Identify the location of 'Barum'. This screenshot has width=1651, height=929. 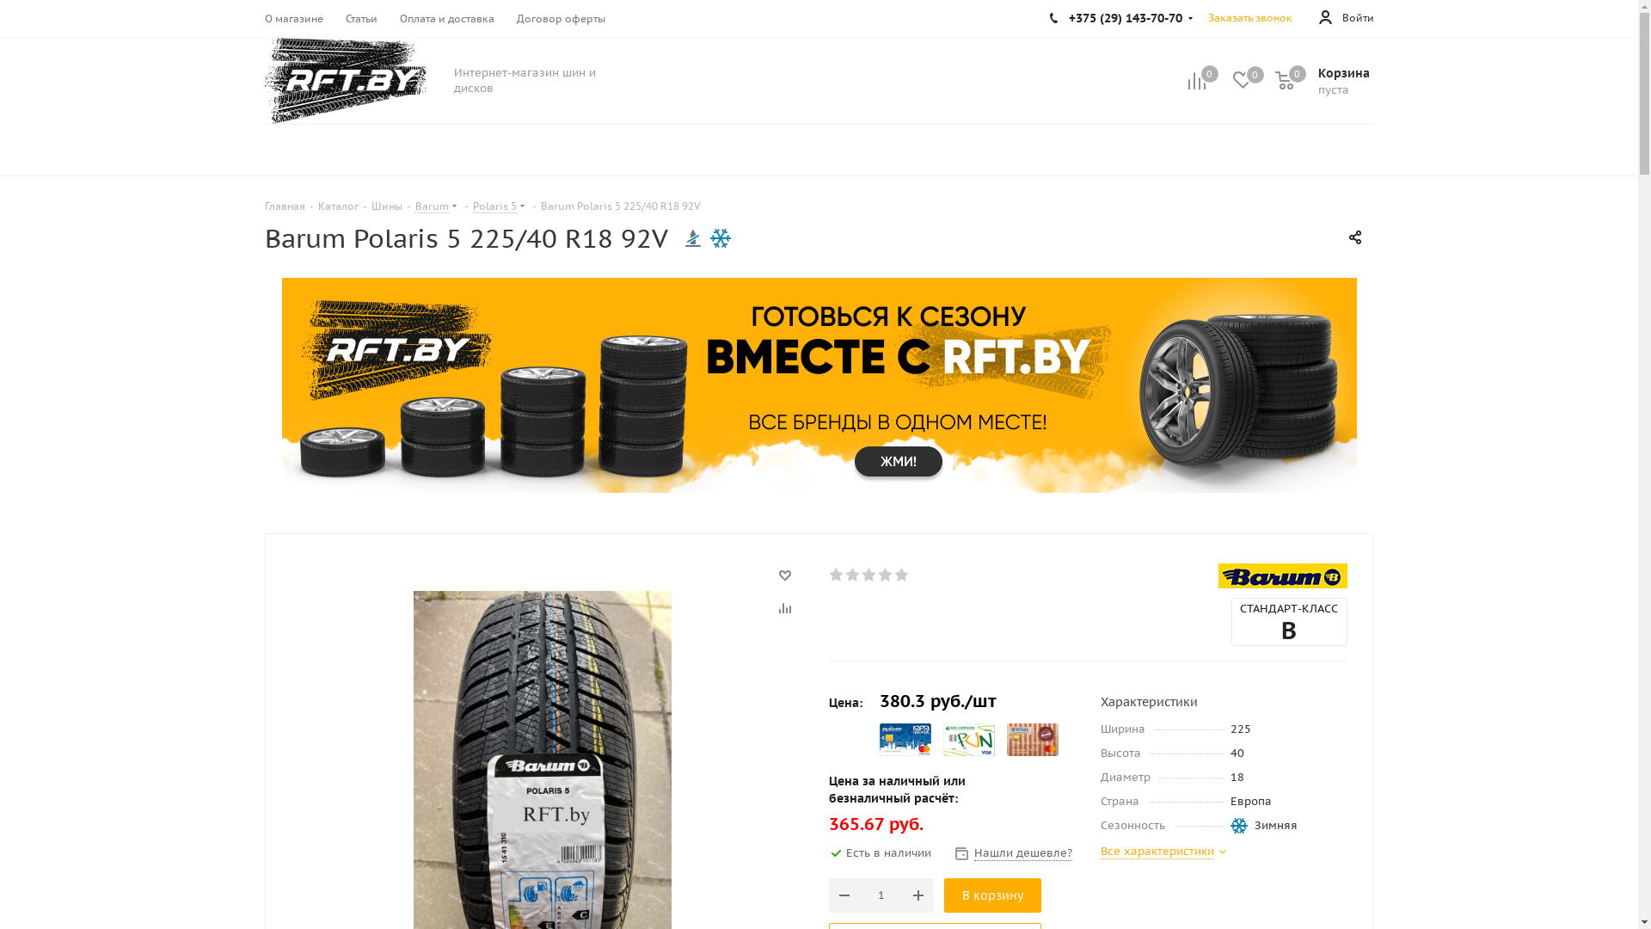
(1282, 575).